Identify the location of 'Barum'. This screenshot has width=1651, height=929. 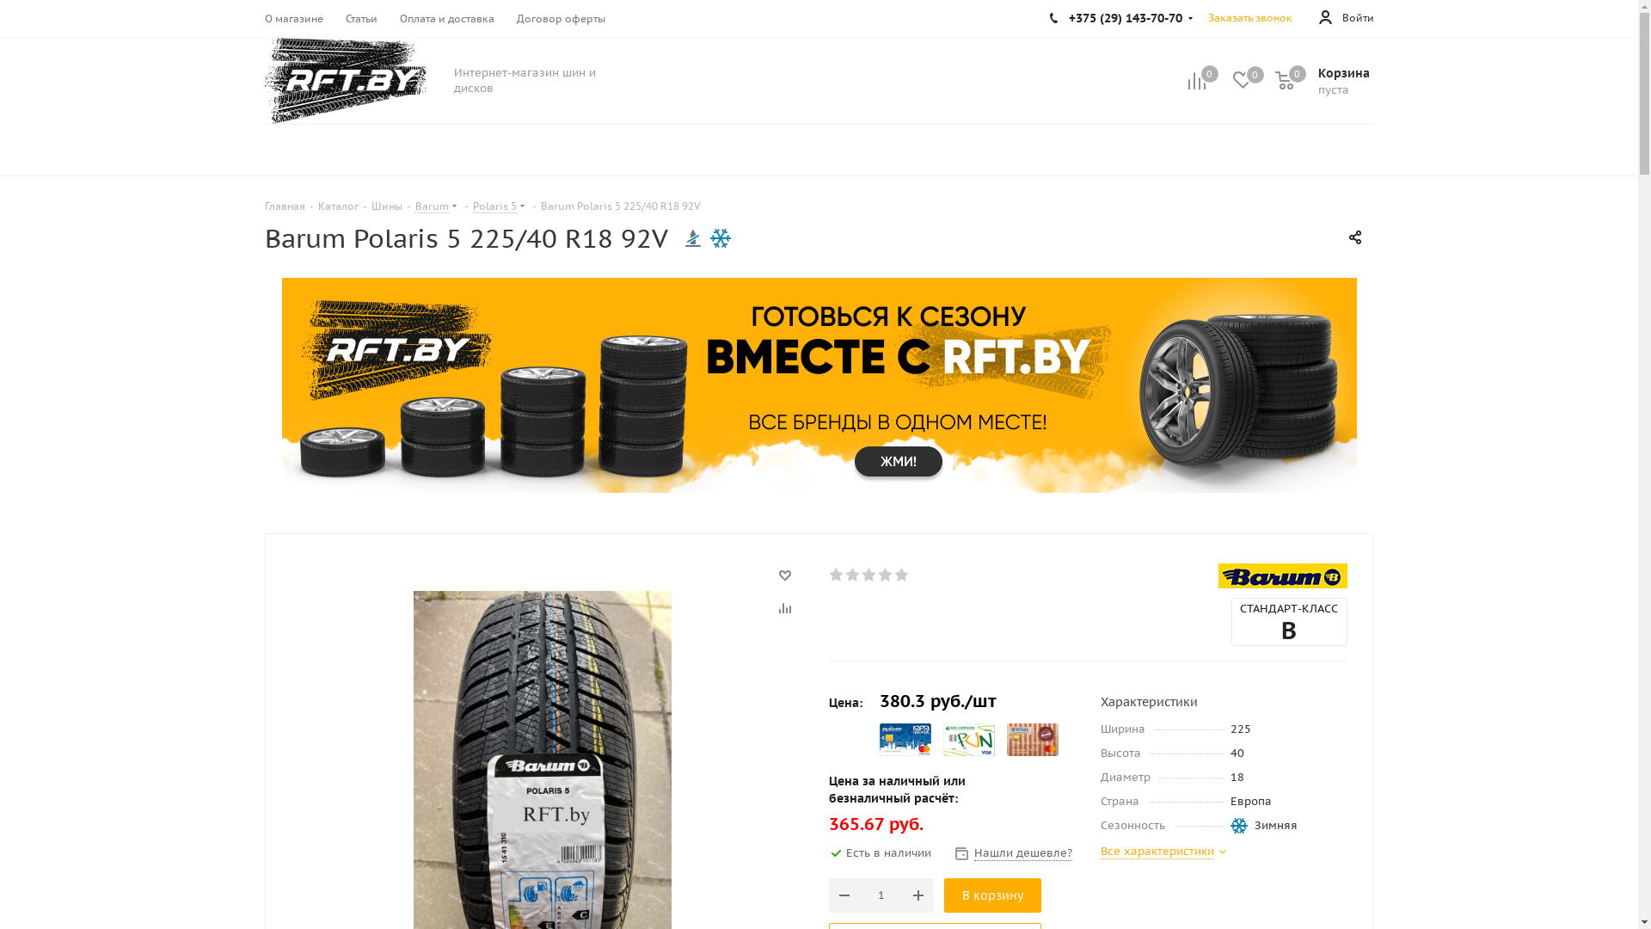
(1282, 575).